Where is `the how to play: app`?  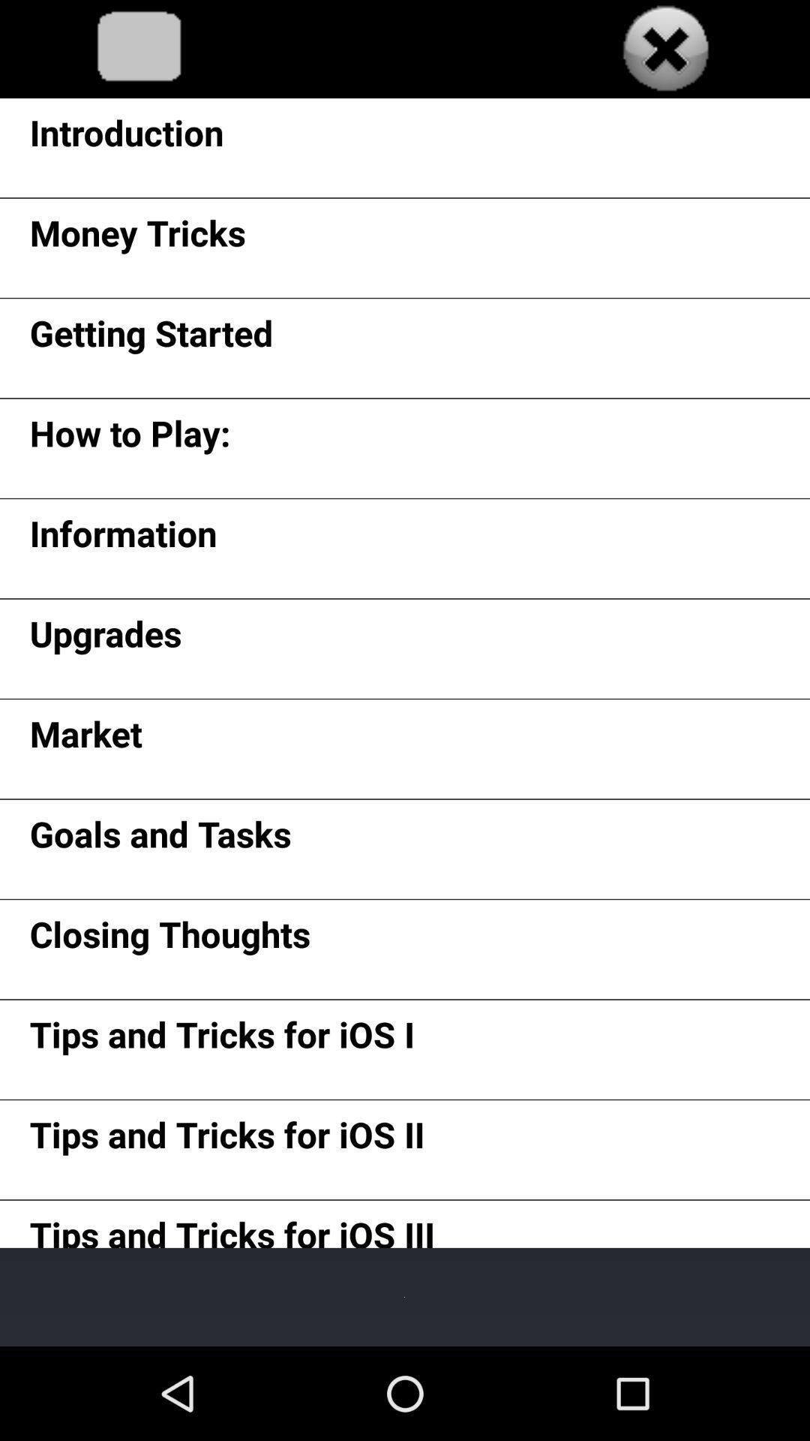
the how to play: app is located at coordinates (129, 438).